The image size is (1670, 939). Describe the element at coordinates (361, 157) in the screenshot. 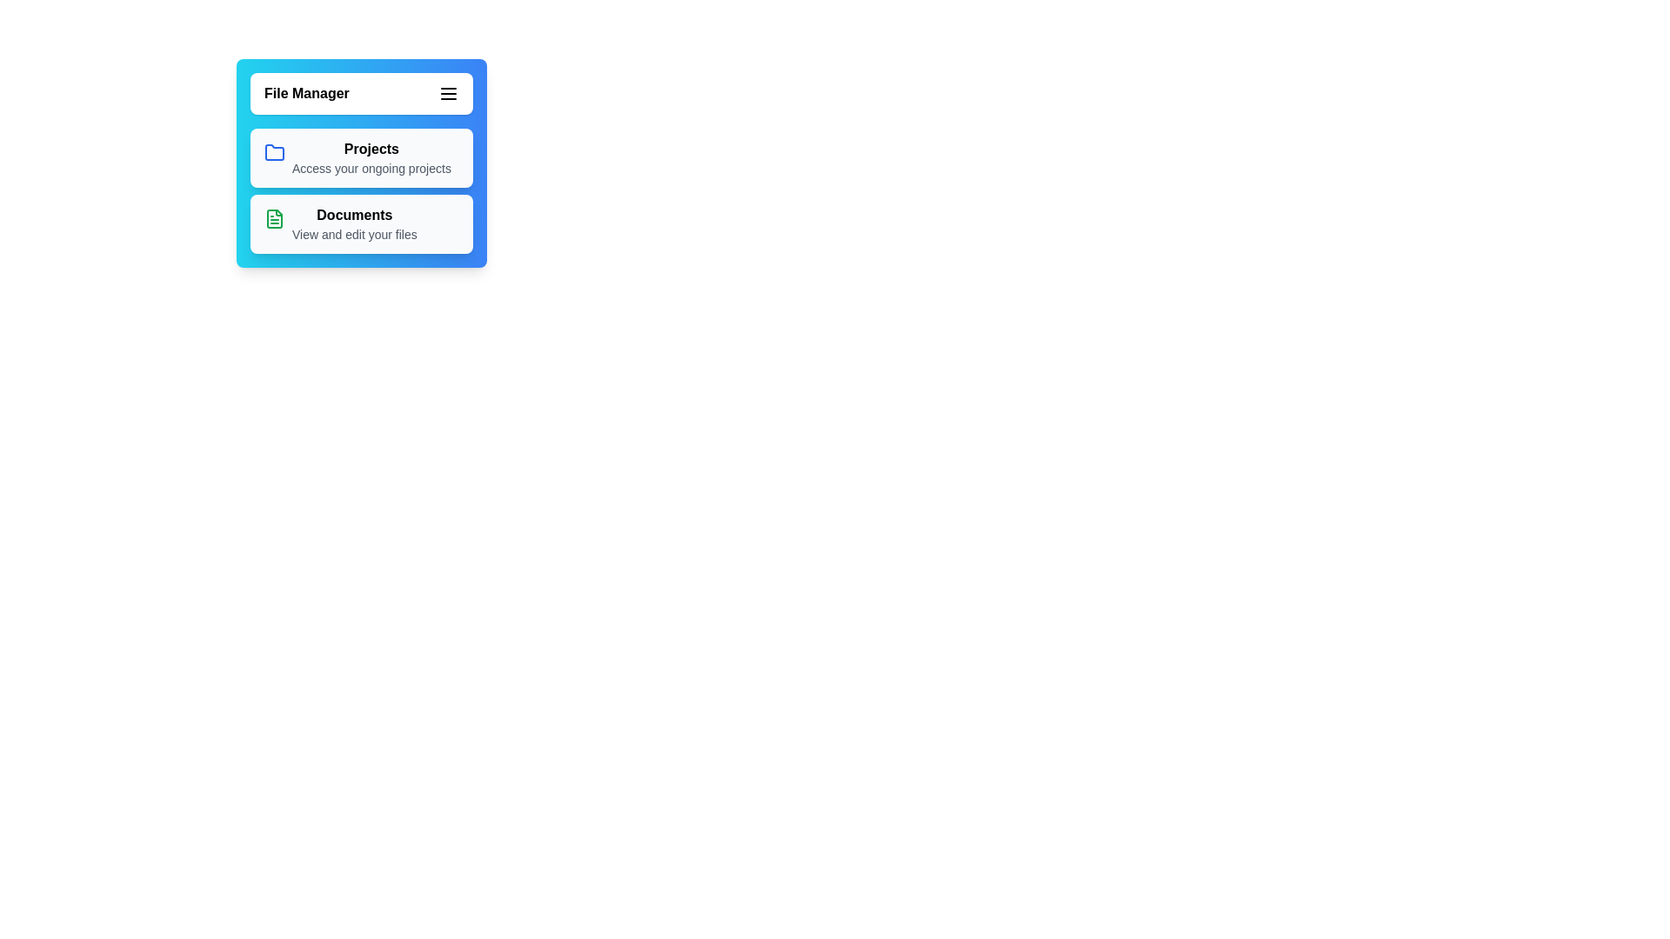

I see `the 'Projects' menu item to access its functionality` at that location.